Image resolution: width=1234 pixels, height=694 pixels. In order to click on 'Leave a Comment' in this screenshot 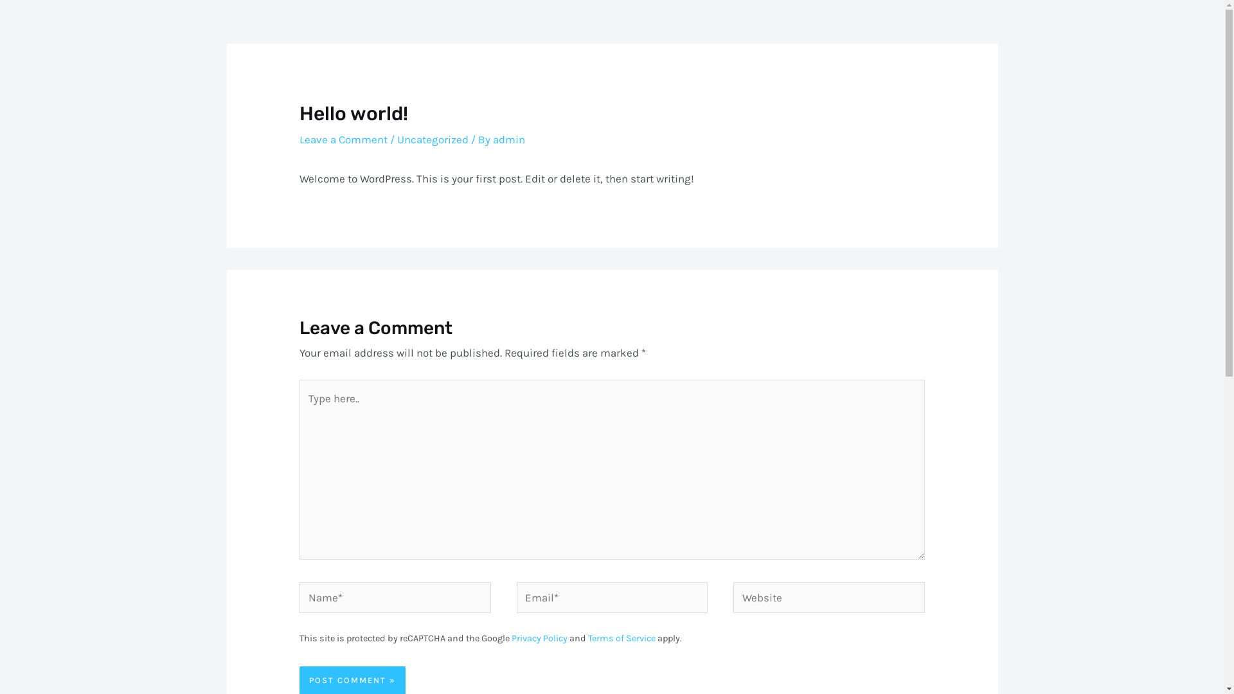, I will do `click(343, 139)`.